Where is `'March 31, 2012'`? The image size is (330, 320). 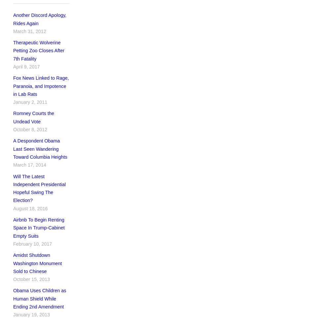 'March 31, 2012' is located at coordinates (13, 31).